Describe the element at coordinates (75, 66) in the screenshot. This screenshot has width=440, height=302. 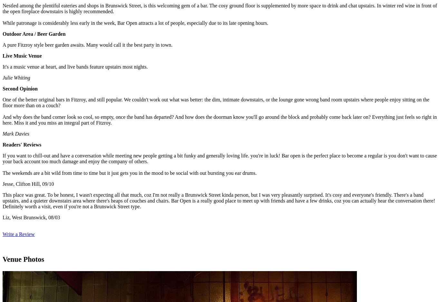
I see `'It's a music venue at heart, and live bands feature upstairs most nights.'` at that location.